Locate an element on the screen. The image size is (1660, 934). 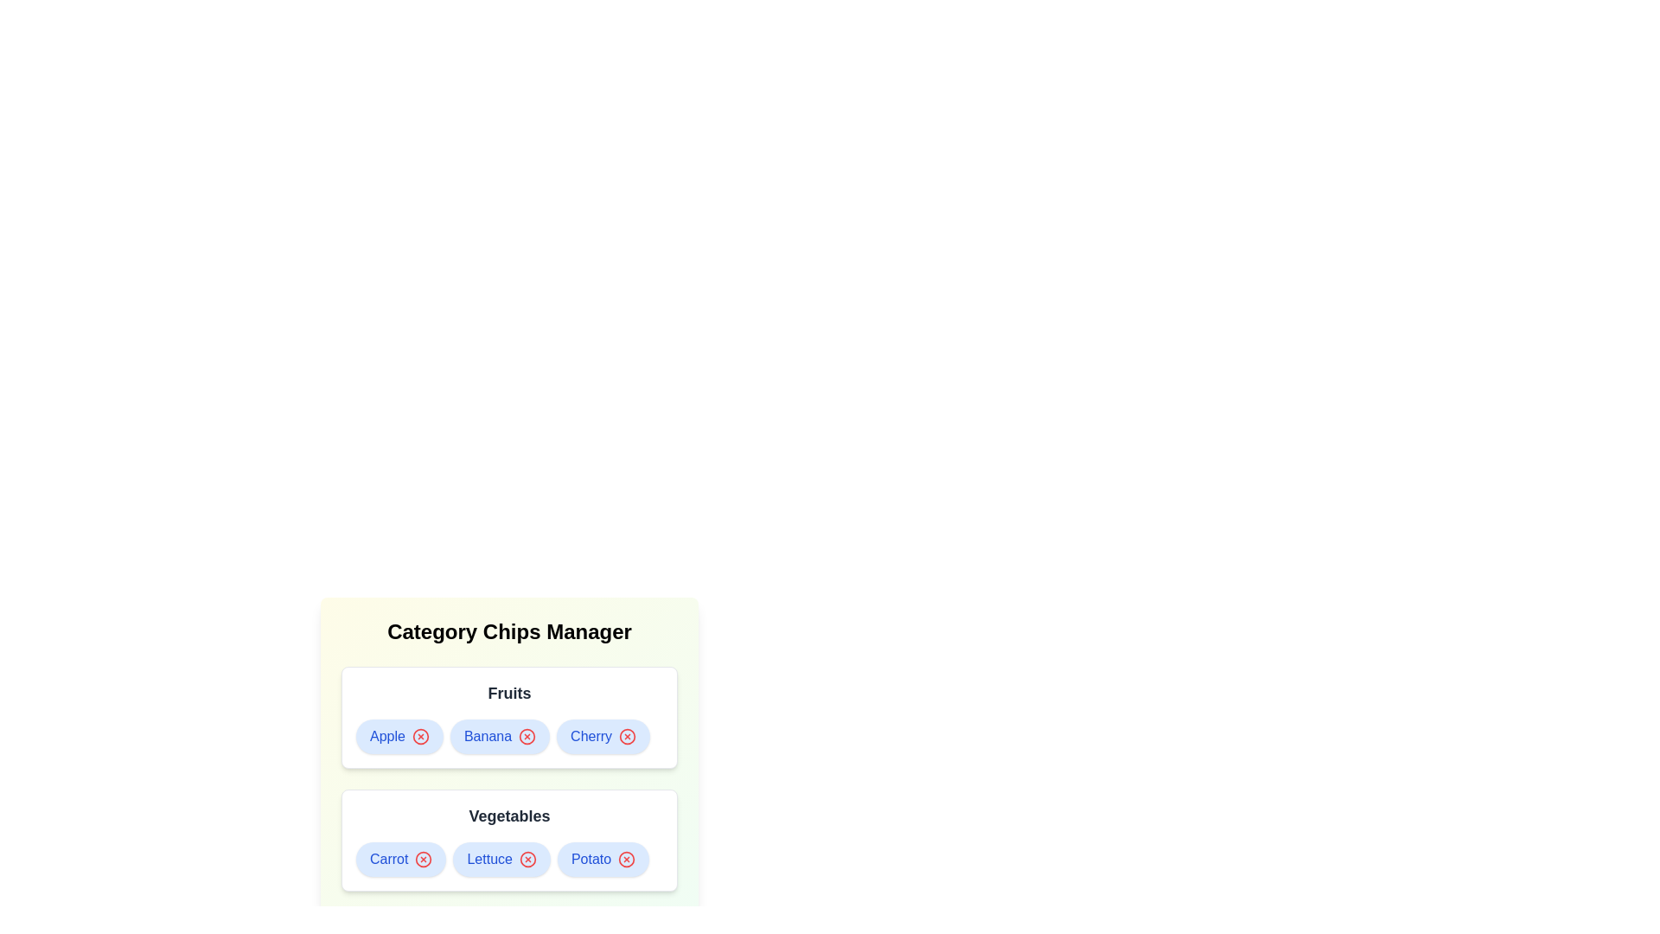
remove button for the chip labeled Cherry is located at coordinates (627, 737).